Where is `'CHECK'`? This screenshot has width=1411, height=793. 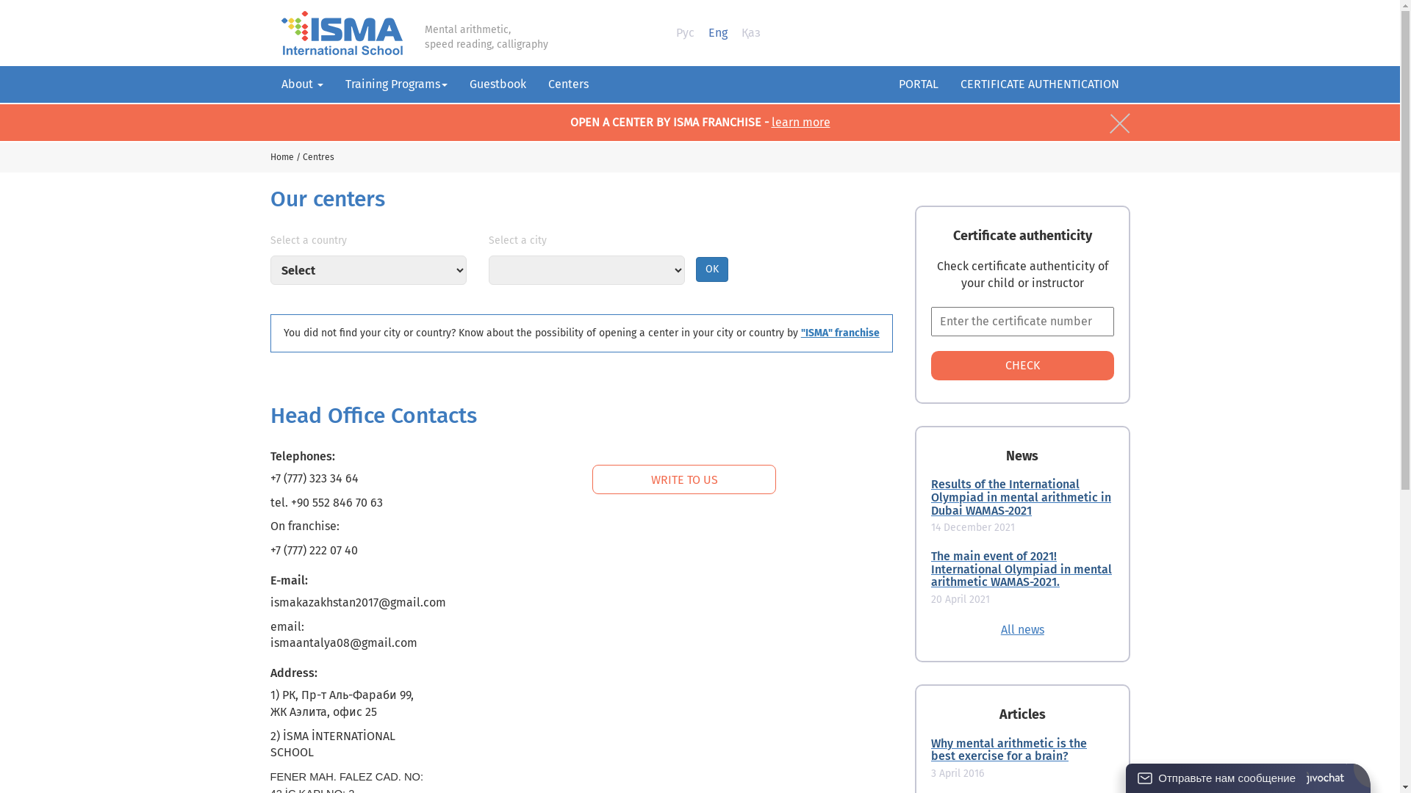
'CHECK' is located at coordinates (1022, 364).